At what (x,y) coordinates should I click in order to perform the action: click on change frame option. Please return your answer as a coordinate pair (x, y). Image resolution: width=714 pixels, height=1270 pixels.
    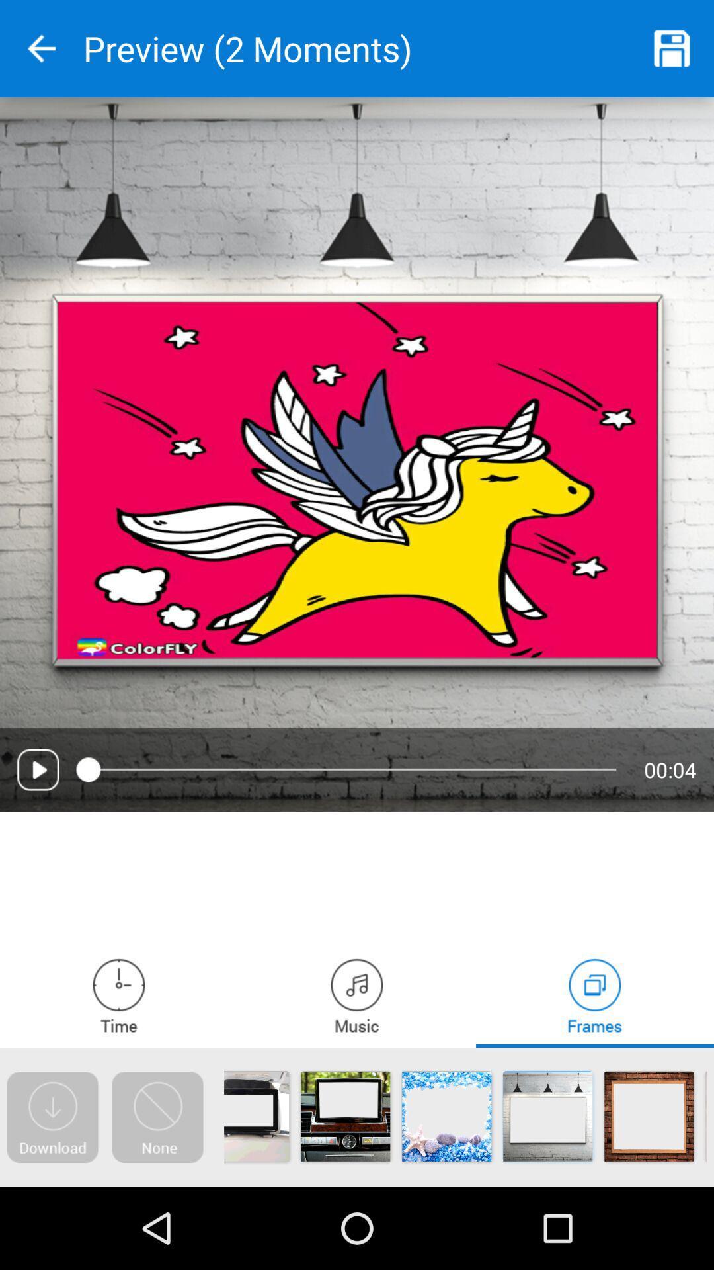
    Looking at the image, I should click on (594, 995).